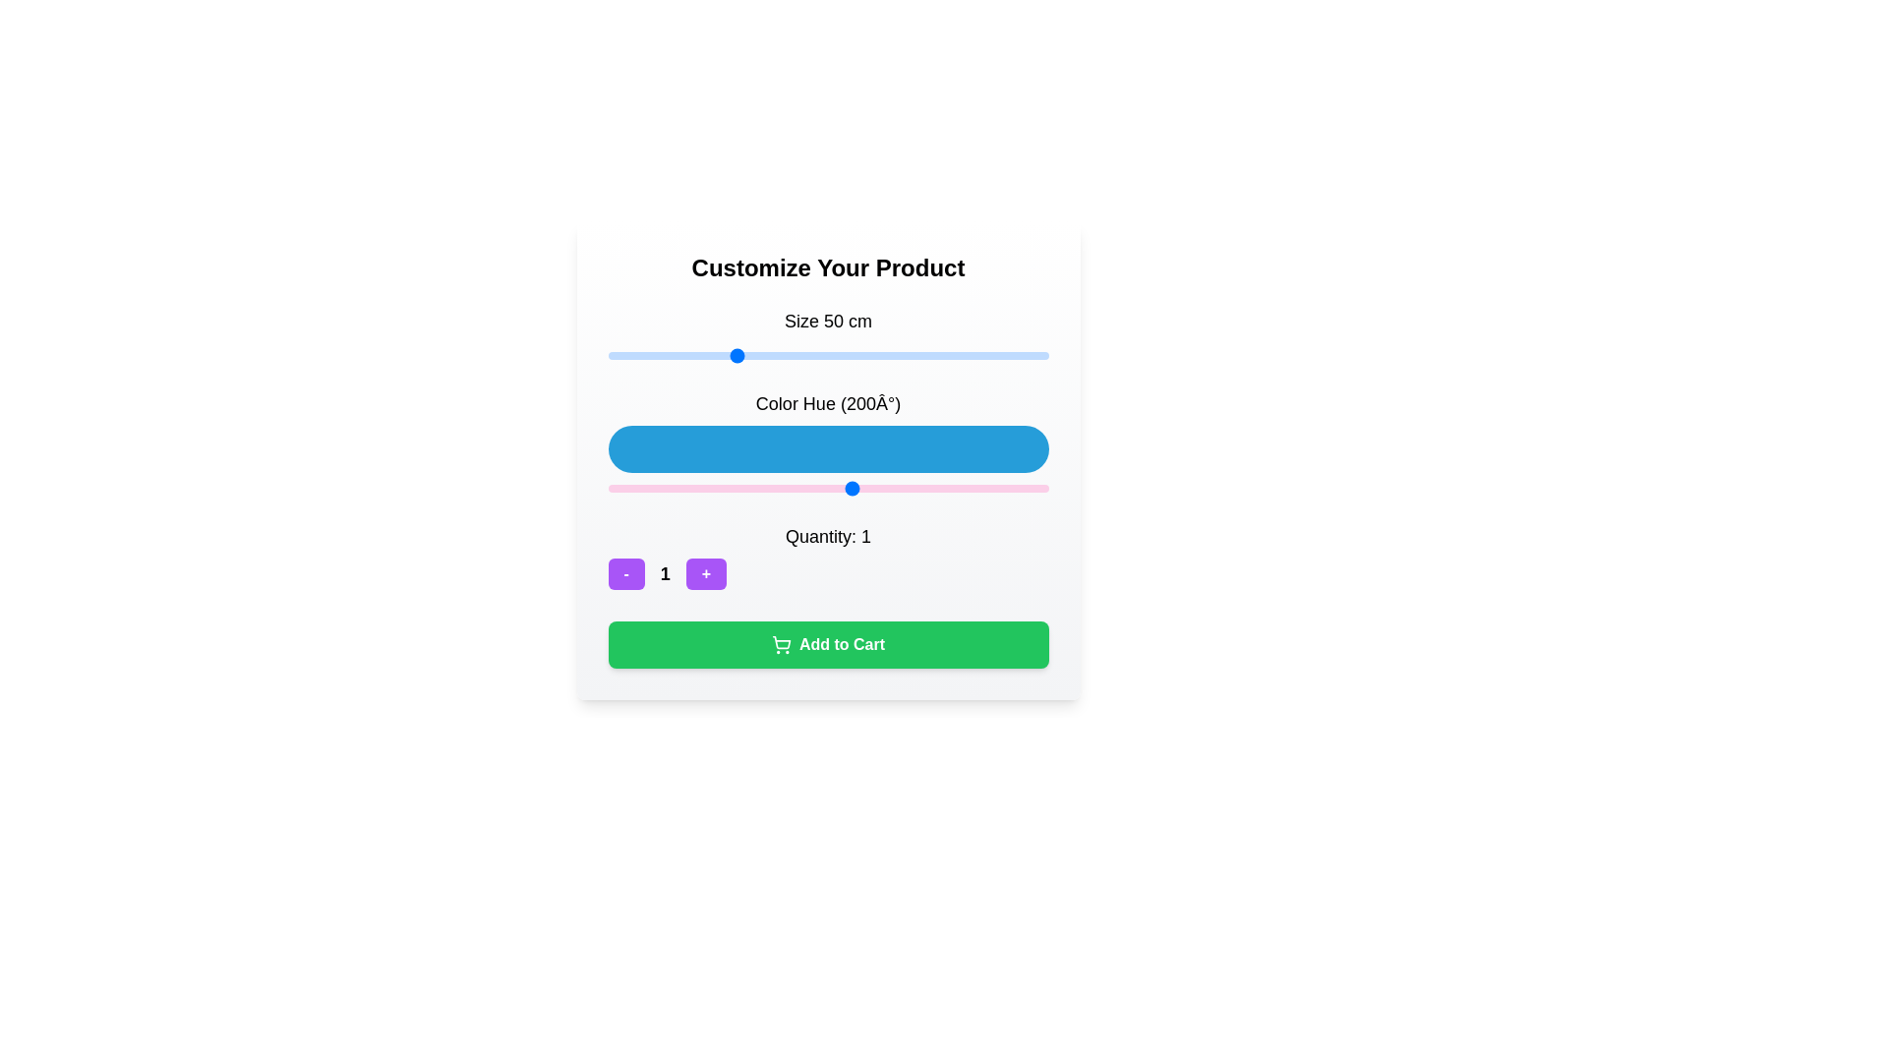 This screenshot has height=1062, width=1888. What do you see at coordinates (842, 488) in the screenshot?
I see `the color hue slider` at bounding box center [842, 488].